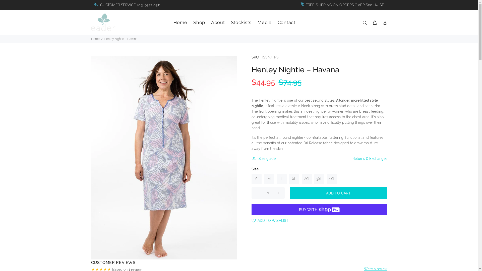 Image resolution: width=482 pixels, height=271 pixels. Describe the element at coordinates (314, 179) in the screenshot. I see `'3XL'` at that location.